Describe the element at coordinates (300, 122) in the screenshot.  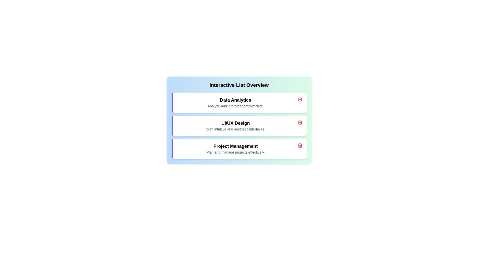
I see `delete button next to the item titled 'UI/UX Design'` at that location.